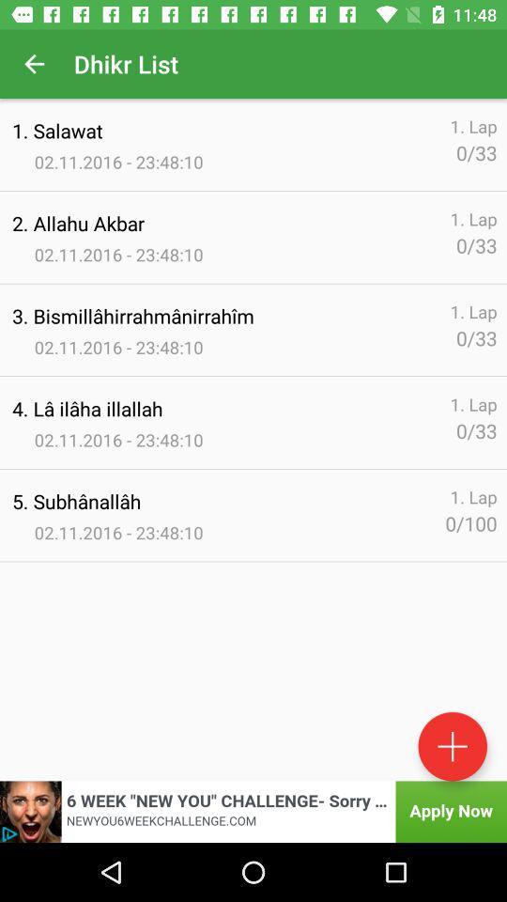 Image resolution: width=507 pixels, height=902 pixels. Describe the element at coordinates (253, 811) in the screenshot. I see `share the article` at that location.